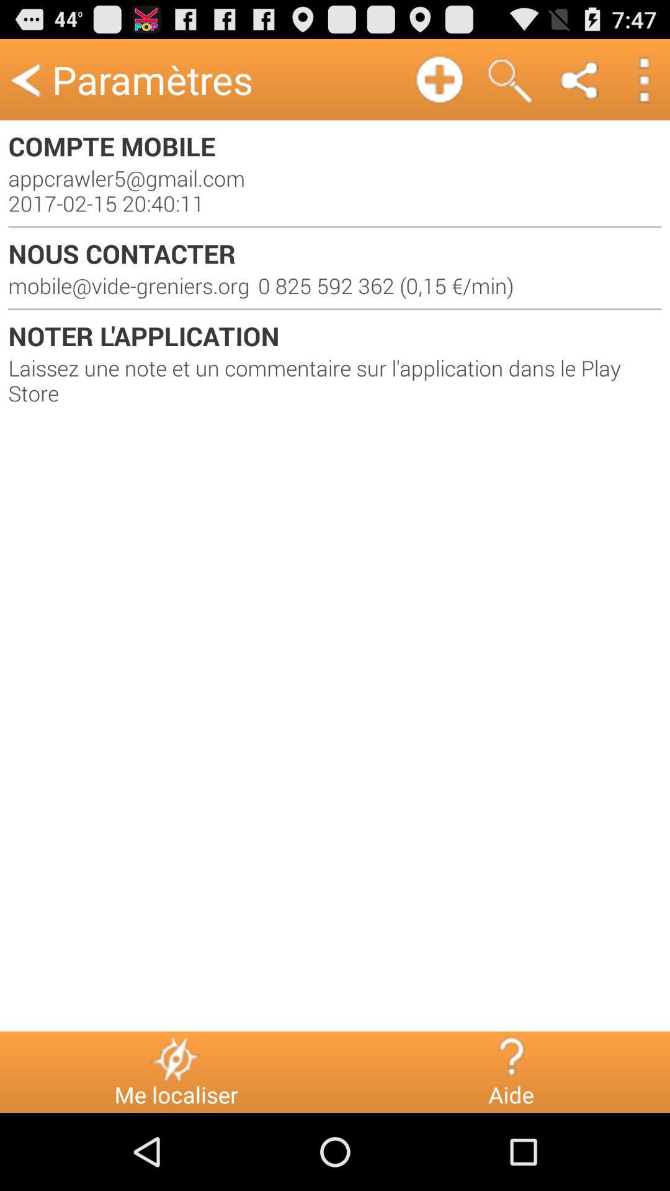 This screenshot has height=1191, width=670. Describe the element at coordinates (511, 1133) in the screenshot. I see `the help icon` at that location.